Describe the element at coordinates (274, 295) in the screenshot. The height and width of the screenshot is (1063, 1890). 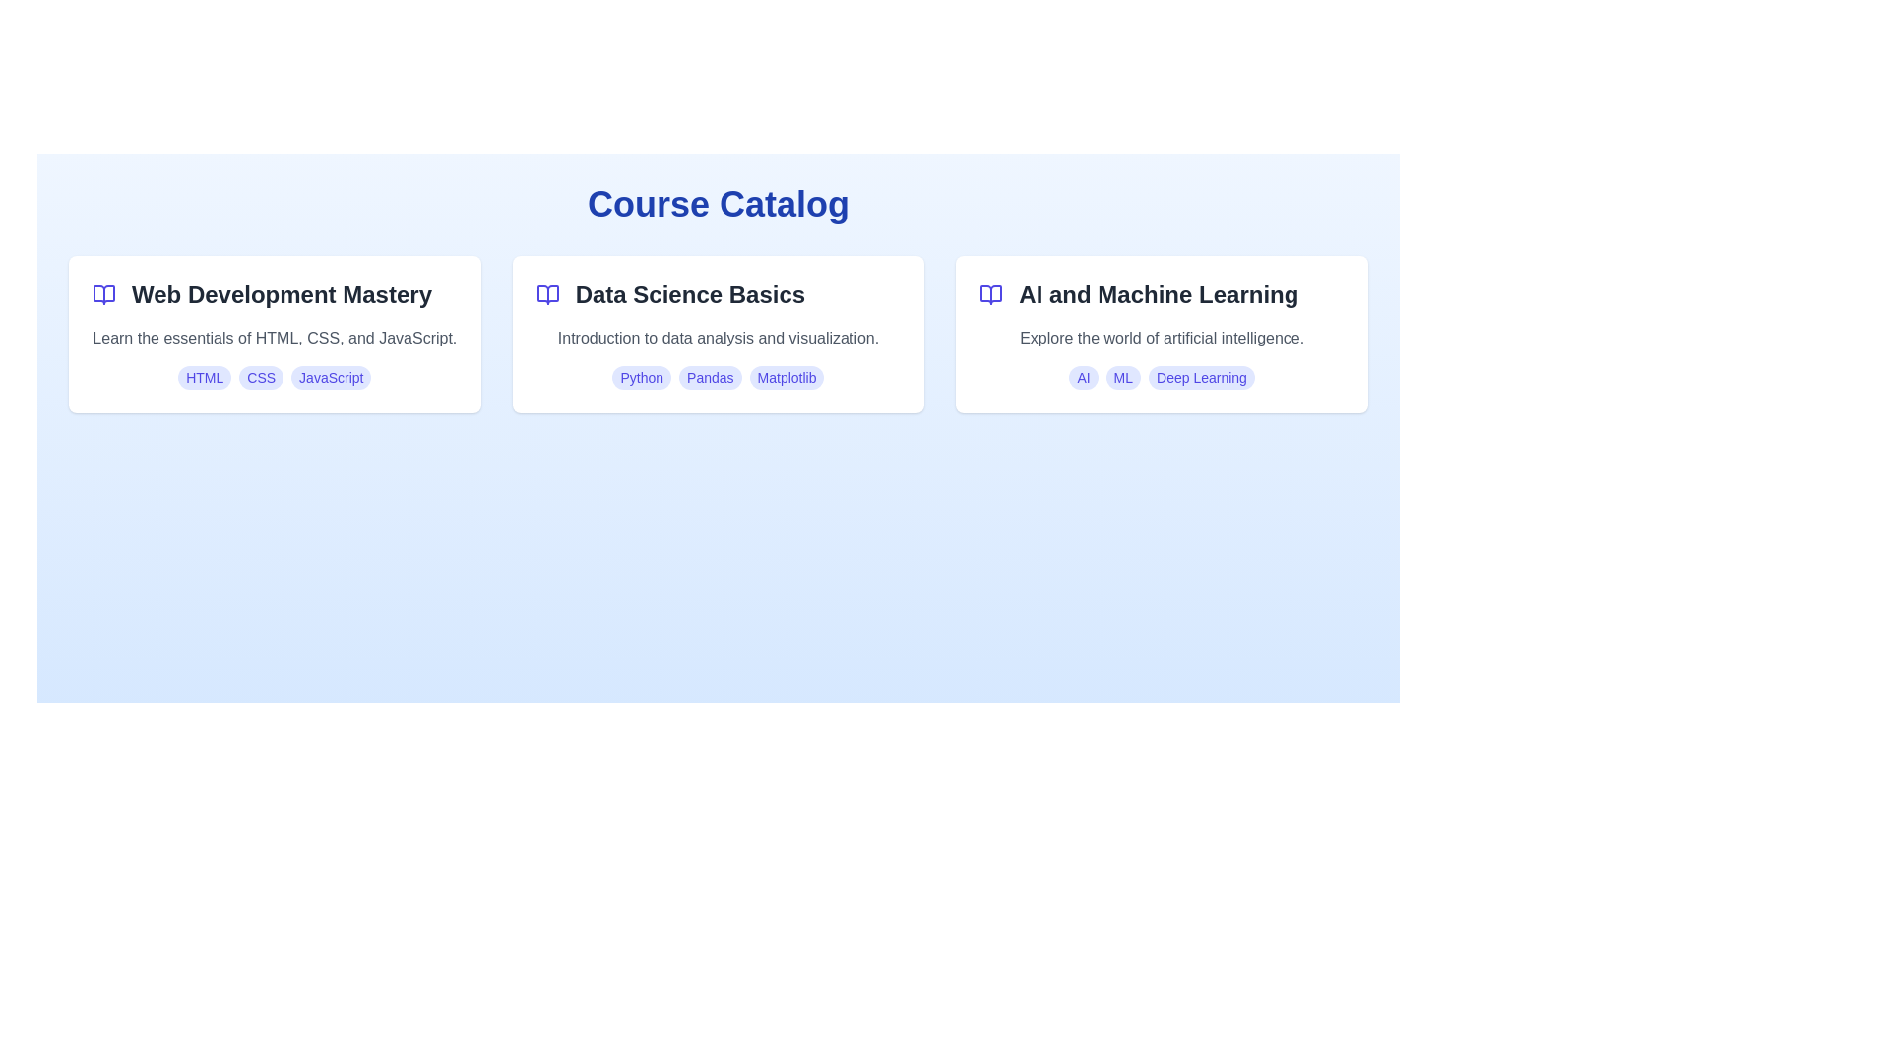
I see `the title 'Web Development Mastery' in the first card of the horizontal layout` at that location.